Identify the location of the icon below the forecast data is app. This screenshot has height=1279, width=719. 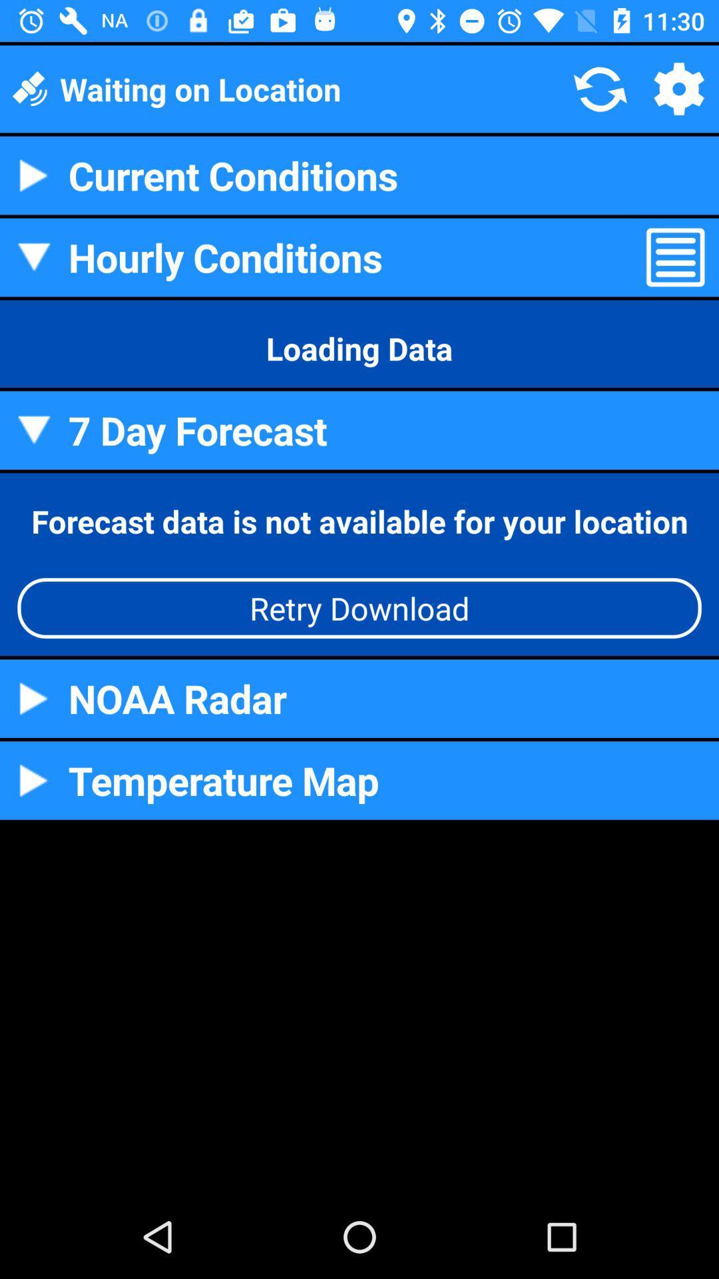
(359, 608).